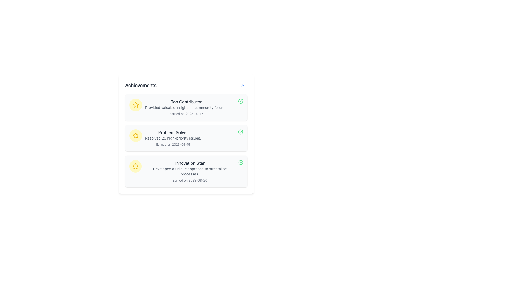 This screenshot has height=285, width=506. I want to click on the text label that reads 'Earned on 2023-10-12,' which is styled with an extra-small font size and gray color, located under the 'Top Contributor' title in the first achievement card, so click(186, 113).